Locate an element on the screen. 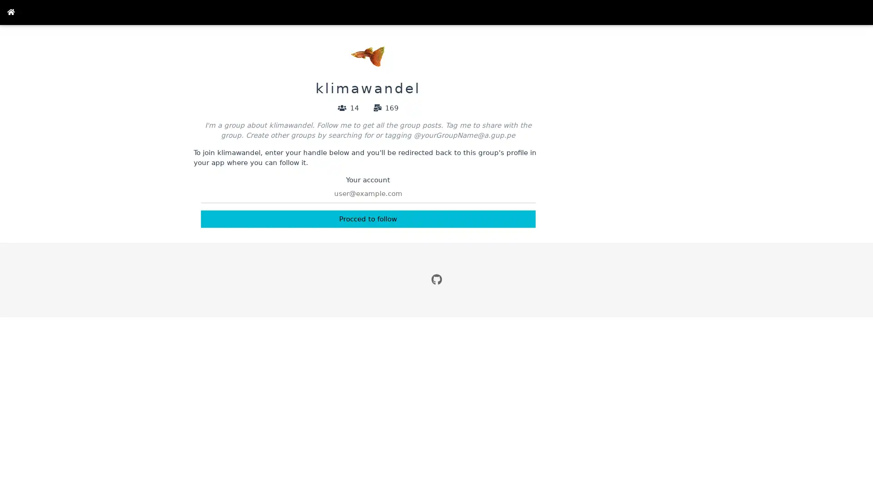 This screenshot has height=491, width=873. Procced to follow is located at coordinates (368, 219).